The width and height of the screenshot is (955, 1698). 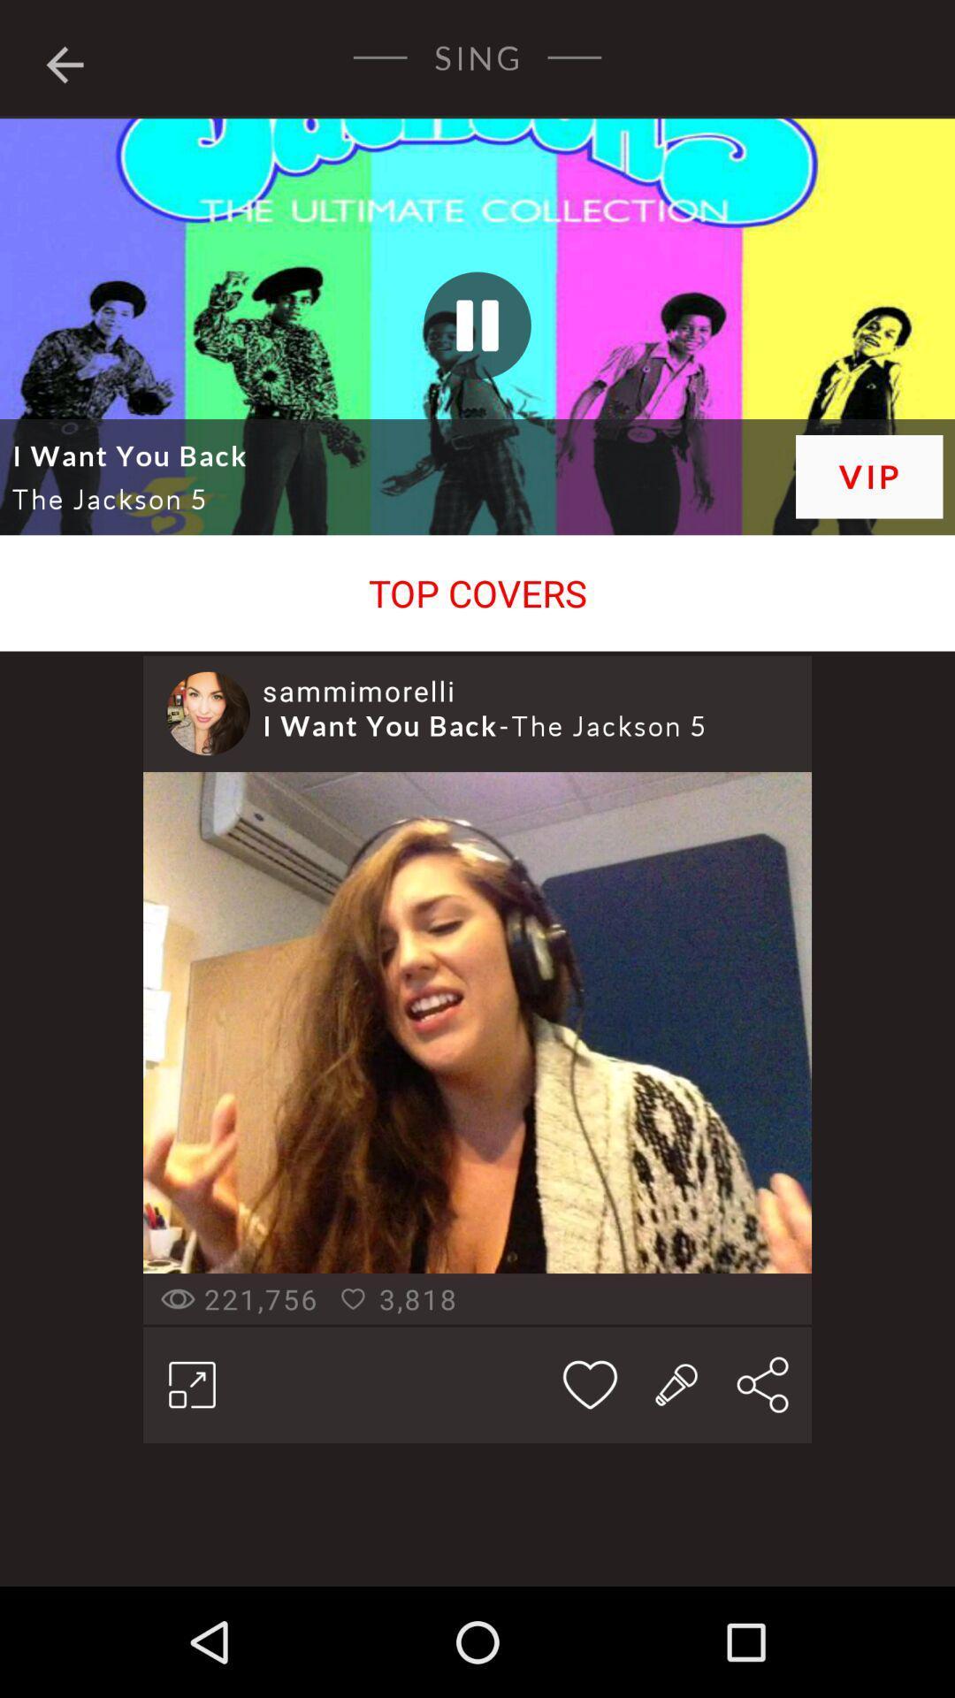 What do you see at coordinates (207, 713) in the screenshot?
I see `icon next to the sammimorelli icon` at bounding box center [207, 713].